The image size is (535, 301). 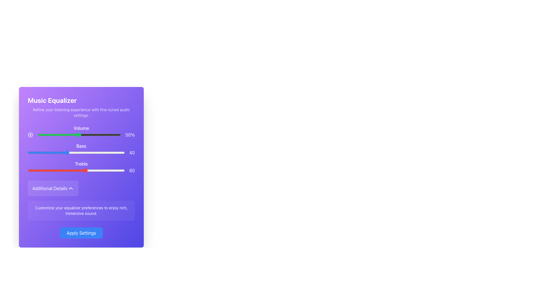 What do you see at coordinates (86, 135) in the screenshot?
I see `the volume` at bounding box center [86, 135].